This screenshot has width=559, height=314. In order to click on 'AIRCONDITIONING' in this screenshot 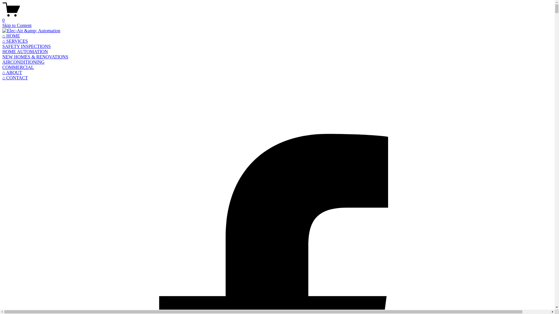, I will do `click(23, 62)`.